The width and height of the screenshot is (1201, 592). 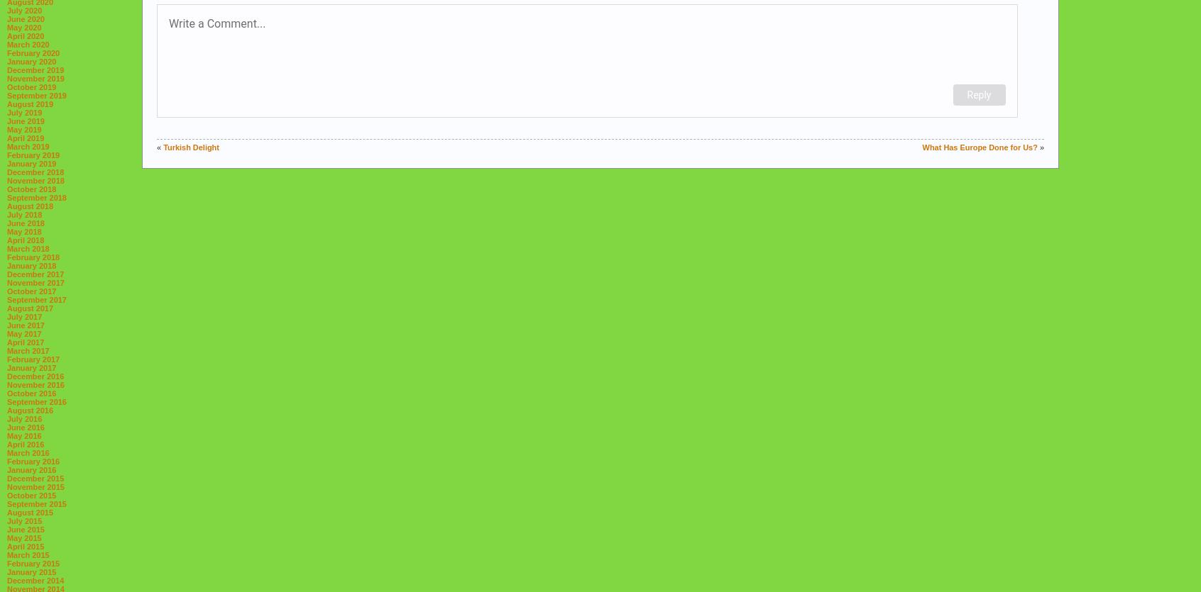 What do you see at coordinates (27, 146) in the screenshot?
I see `'March 2019'` at bounding box center [27, 146].